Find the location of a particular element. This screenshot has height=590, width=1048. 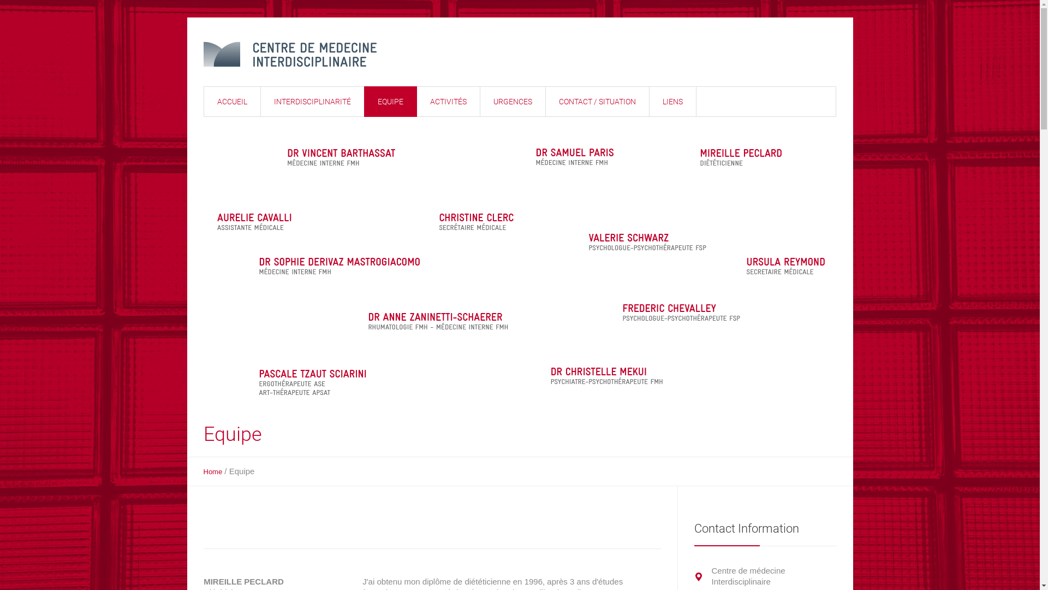

'EQUIPE' is located at coordinates (390, 101).